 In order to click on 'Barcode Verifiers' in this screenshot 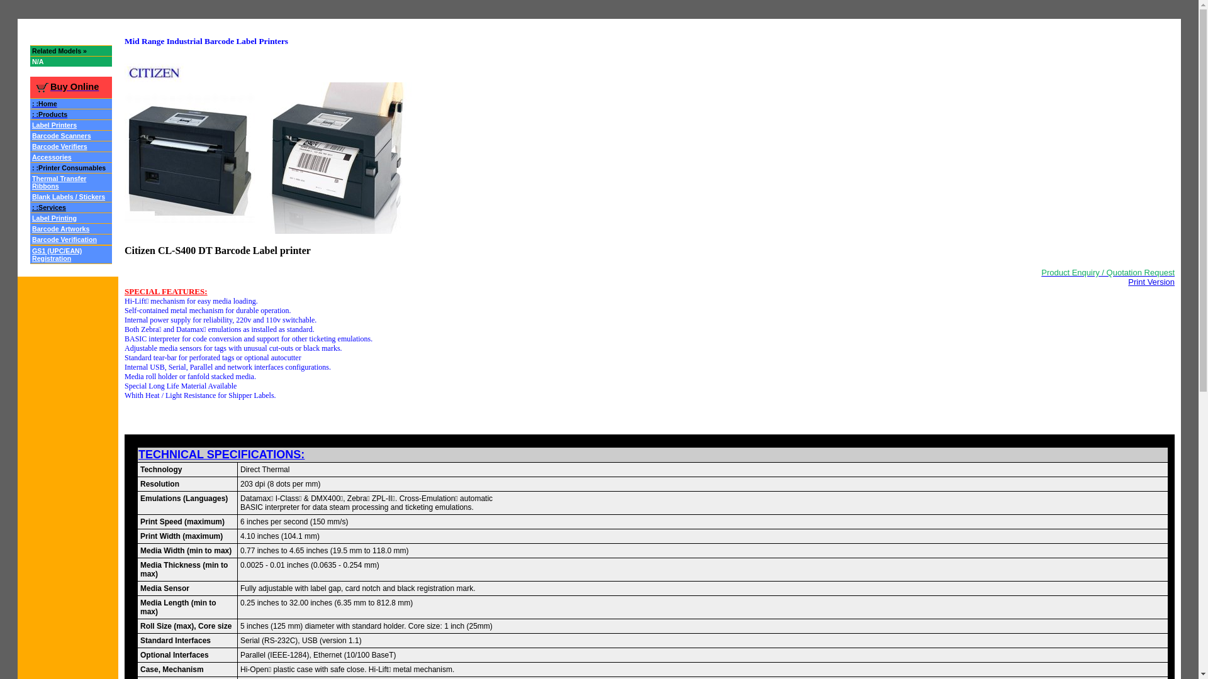, I will do `click(59, 145)`.